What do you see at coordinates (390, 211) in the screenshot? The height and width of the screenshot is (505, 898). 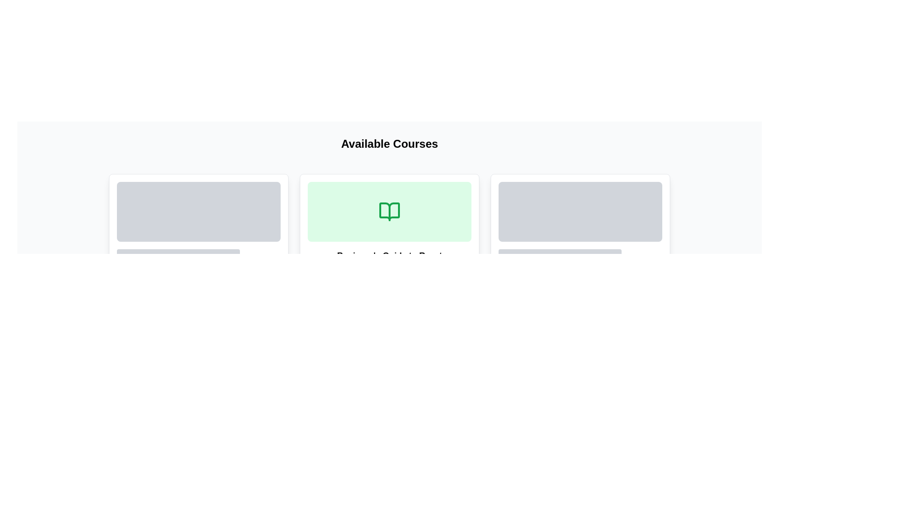 I see `the green book icon located at the center of the light green card in the second column beneath the 'Available Courses' heading` at bounding box center [390, 211].